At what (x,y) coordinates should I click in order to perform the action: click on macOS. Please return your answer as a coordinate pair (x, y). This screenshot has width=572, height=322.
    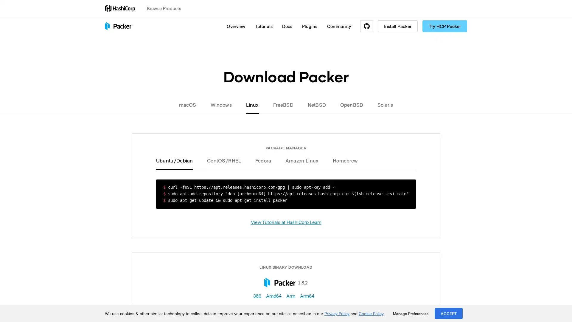
    Looking at the image, I should click on (191, 104).